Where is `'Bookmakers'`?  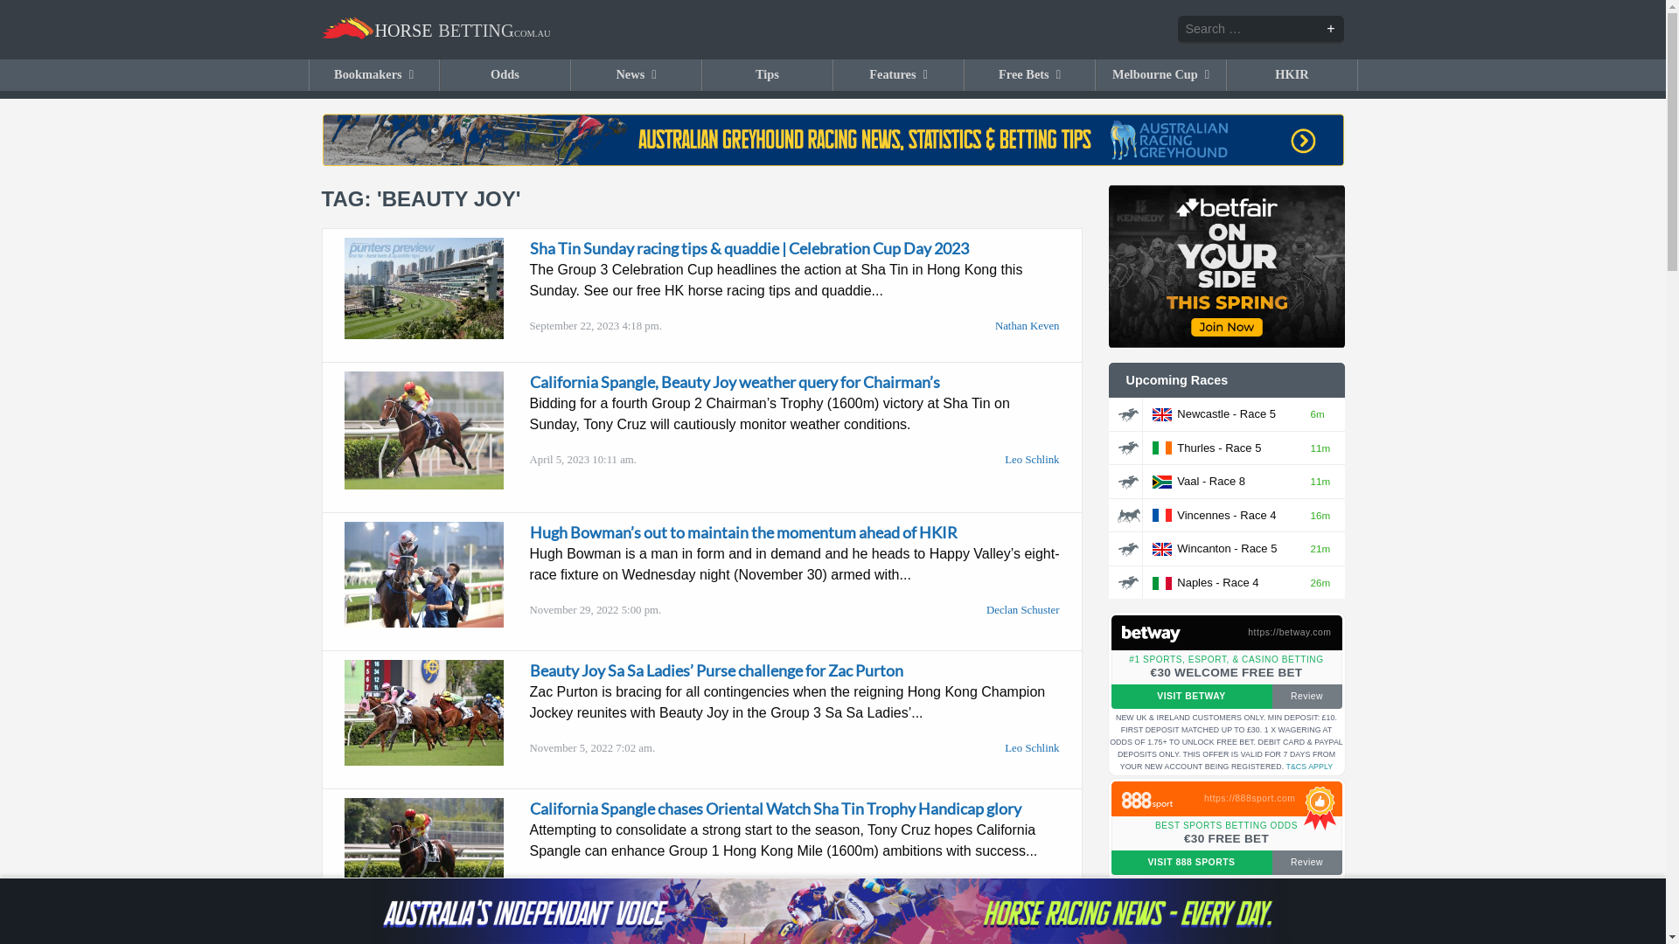
'Bookmakers' is located at coordinates (310, 73).